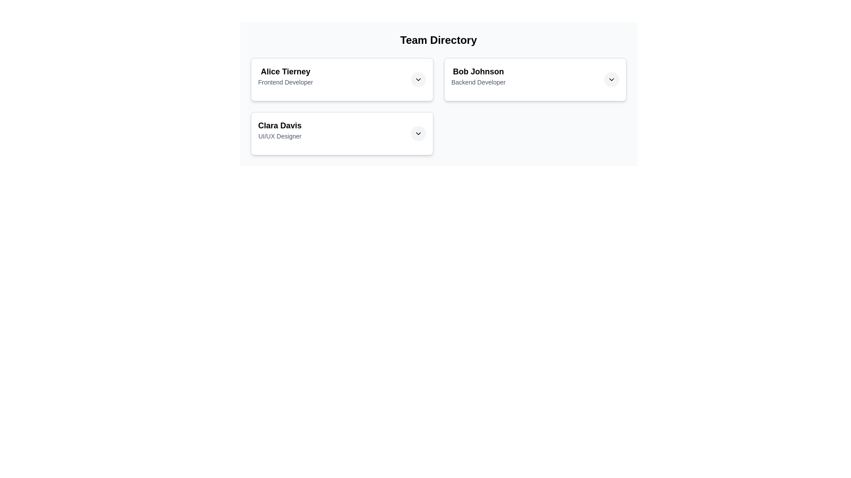 This screenshot has width=851, height=478. What do you see at coordinates (478, 82) in the screenshot?
I see `the text label displaying 'Backend Developer' which is located below the name 'Bob Johnson' in the right-hand card of the 'Team Directory'` at bounding box center [478, 82].